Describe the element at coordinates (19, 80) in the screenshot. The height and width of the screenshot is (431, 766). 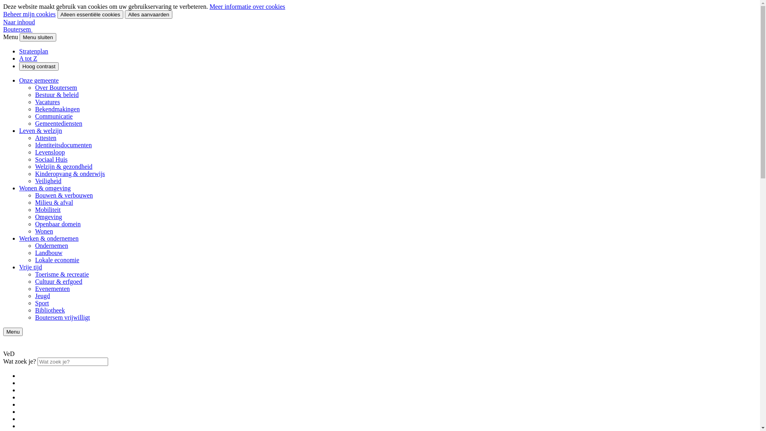
I see `'Onze gemeente'` at that location.